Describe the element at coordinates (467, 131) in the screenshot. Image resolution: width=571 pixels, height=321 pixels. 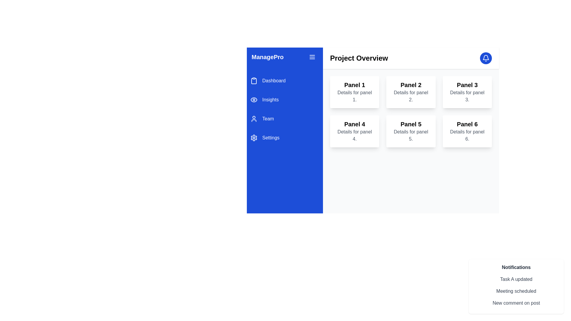
I see `the informational panel titled 'Panel 6'` at that location.